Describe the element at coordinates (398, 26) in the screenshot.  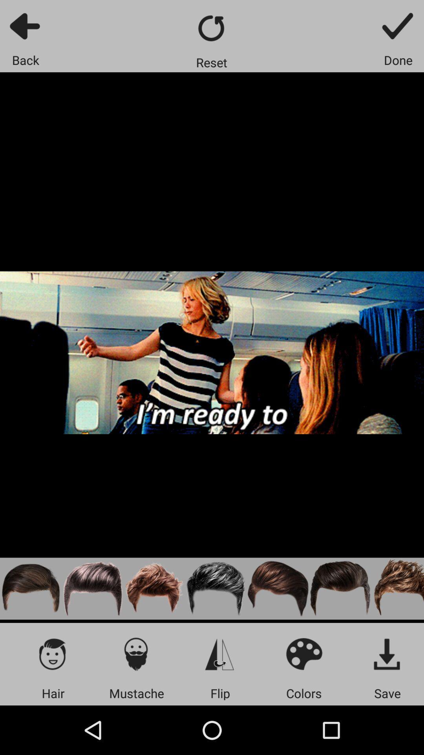
I see `confirm button to finish changes` at that location.